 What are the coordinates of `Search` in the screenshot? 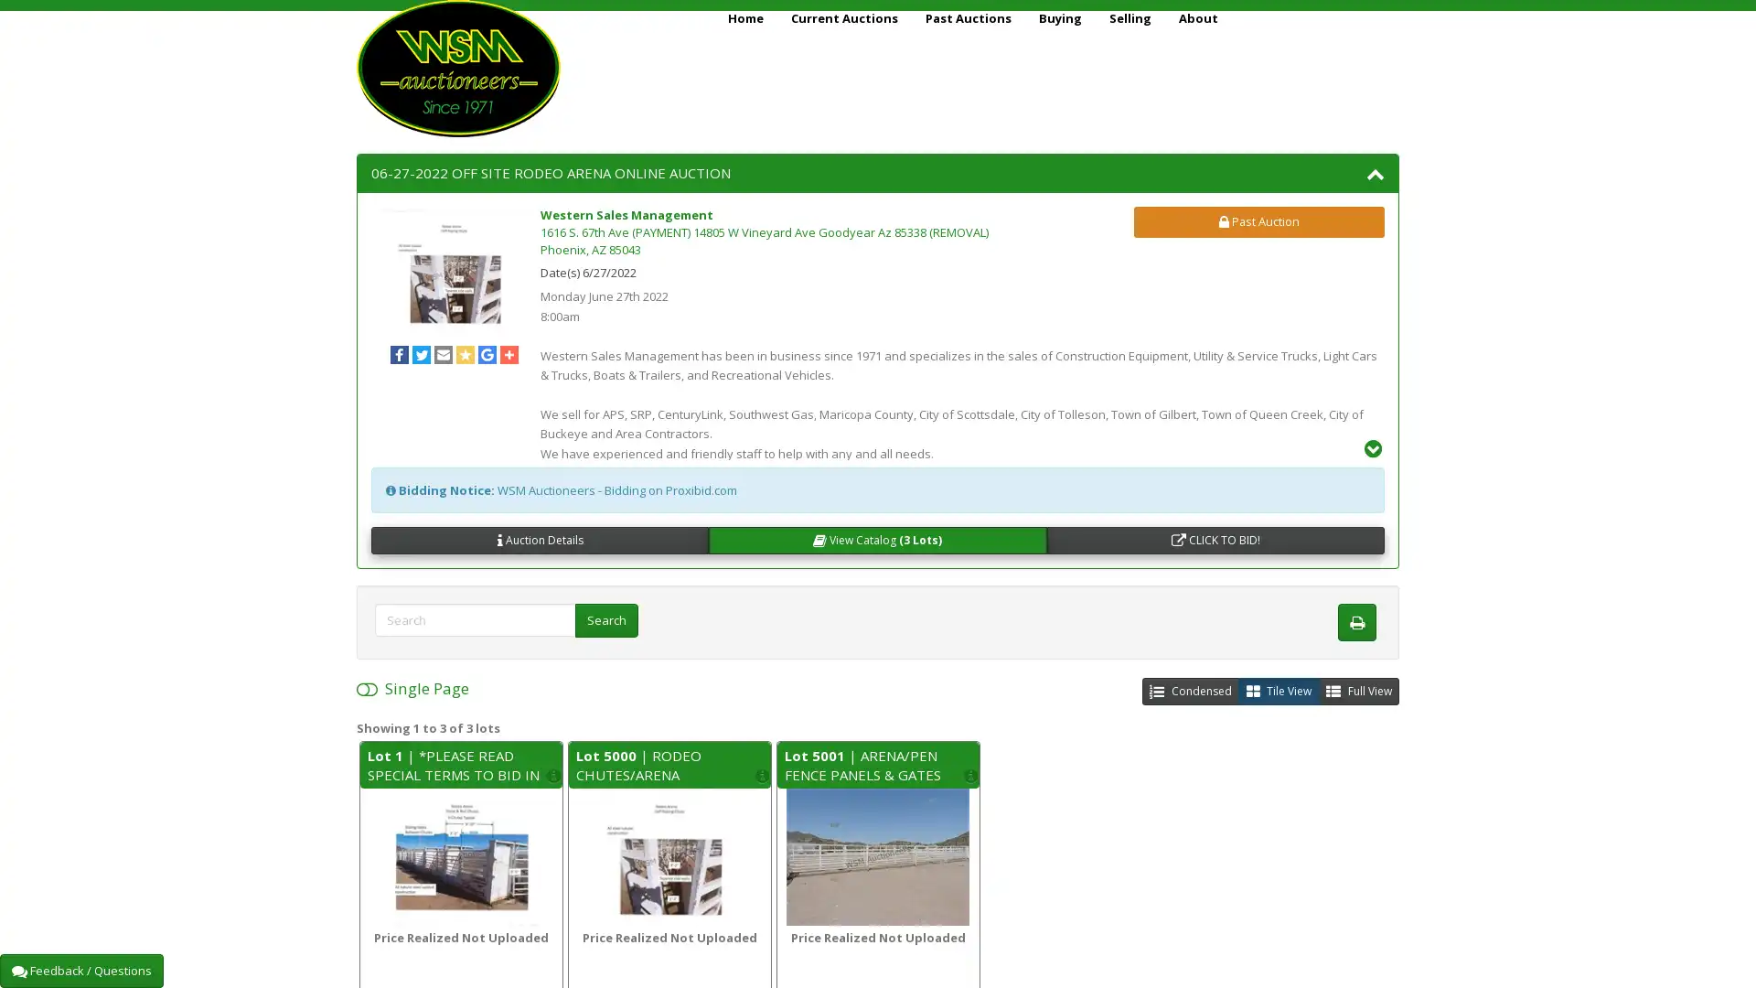 It's located at (606, 619).